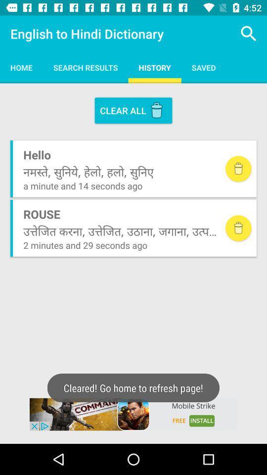  What do you see at coordinates (238, 228) in the screenshot?
I see `delete` at bounding box center [238, 228].